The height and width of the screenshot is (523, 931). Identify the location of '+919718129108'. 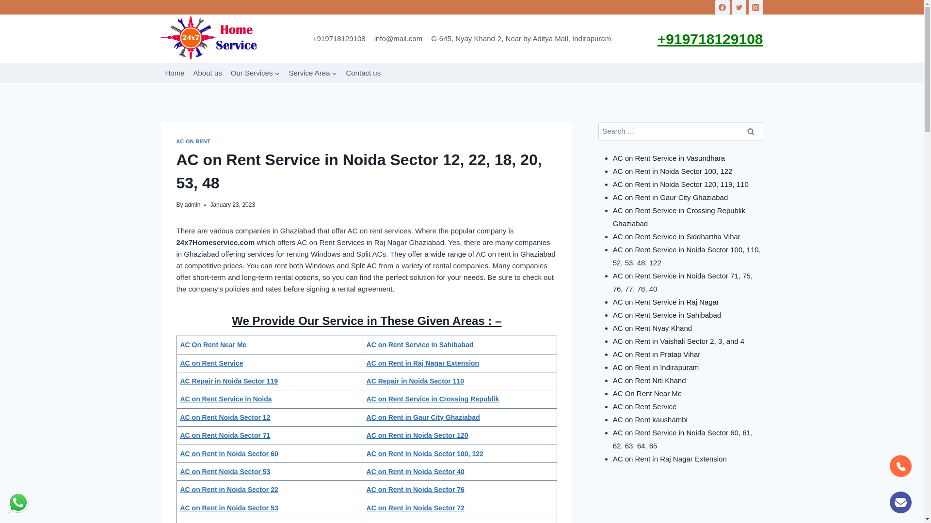
(710, 38).